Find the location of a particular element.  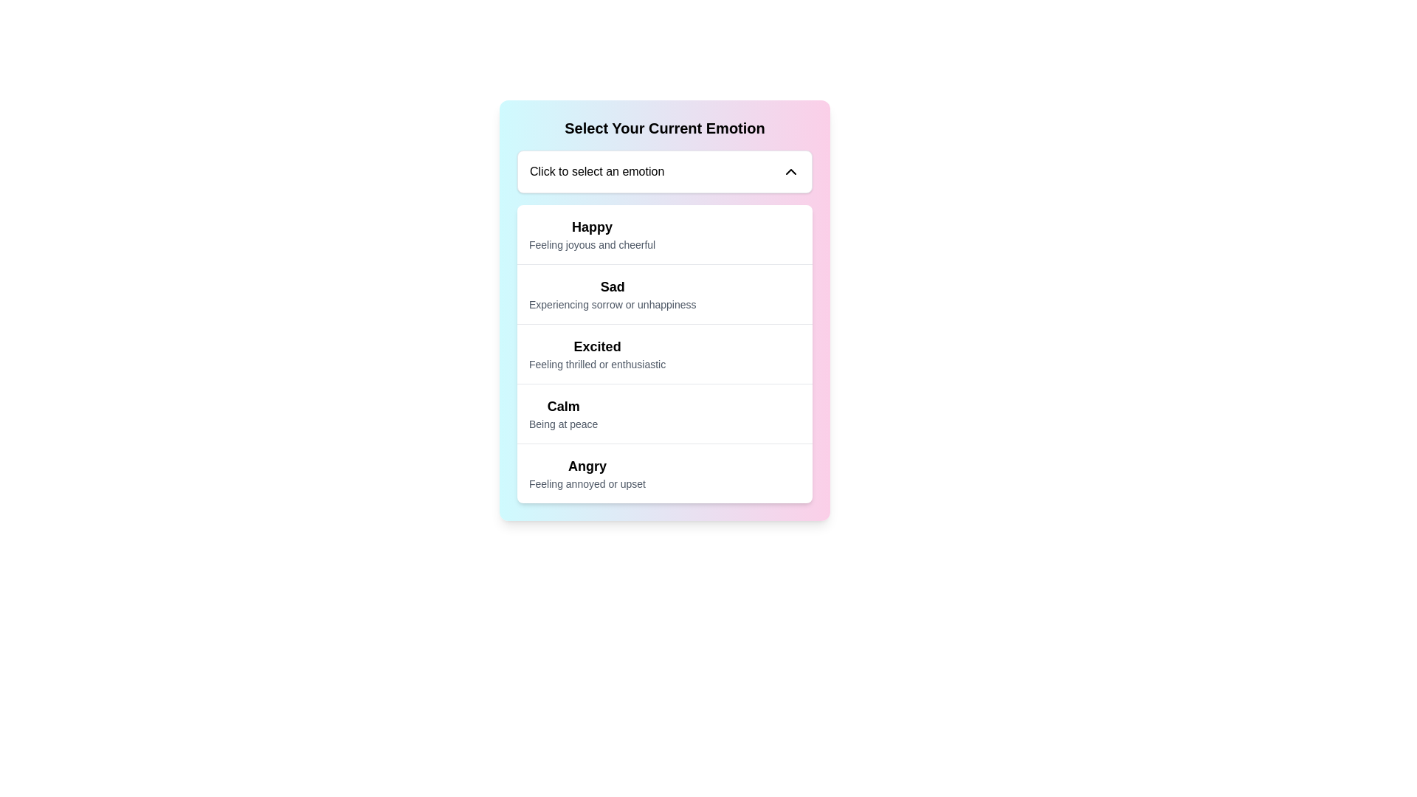

the selectable list item representing the 'Sad' emotional state, which is the second option in the list under 'Select Your Current Emotion.' is located at coordinates (664, 294).